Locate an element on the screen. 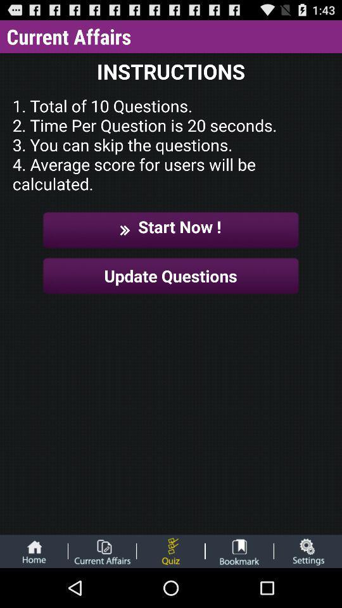  bookmark is located at coordinates (239, 550).